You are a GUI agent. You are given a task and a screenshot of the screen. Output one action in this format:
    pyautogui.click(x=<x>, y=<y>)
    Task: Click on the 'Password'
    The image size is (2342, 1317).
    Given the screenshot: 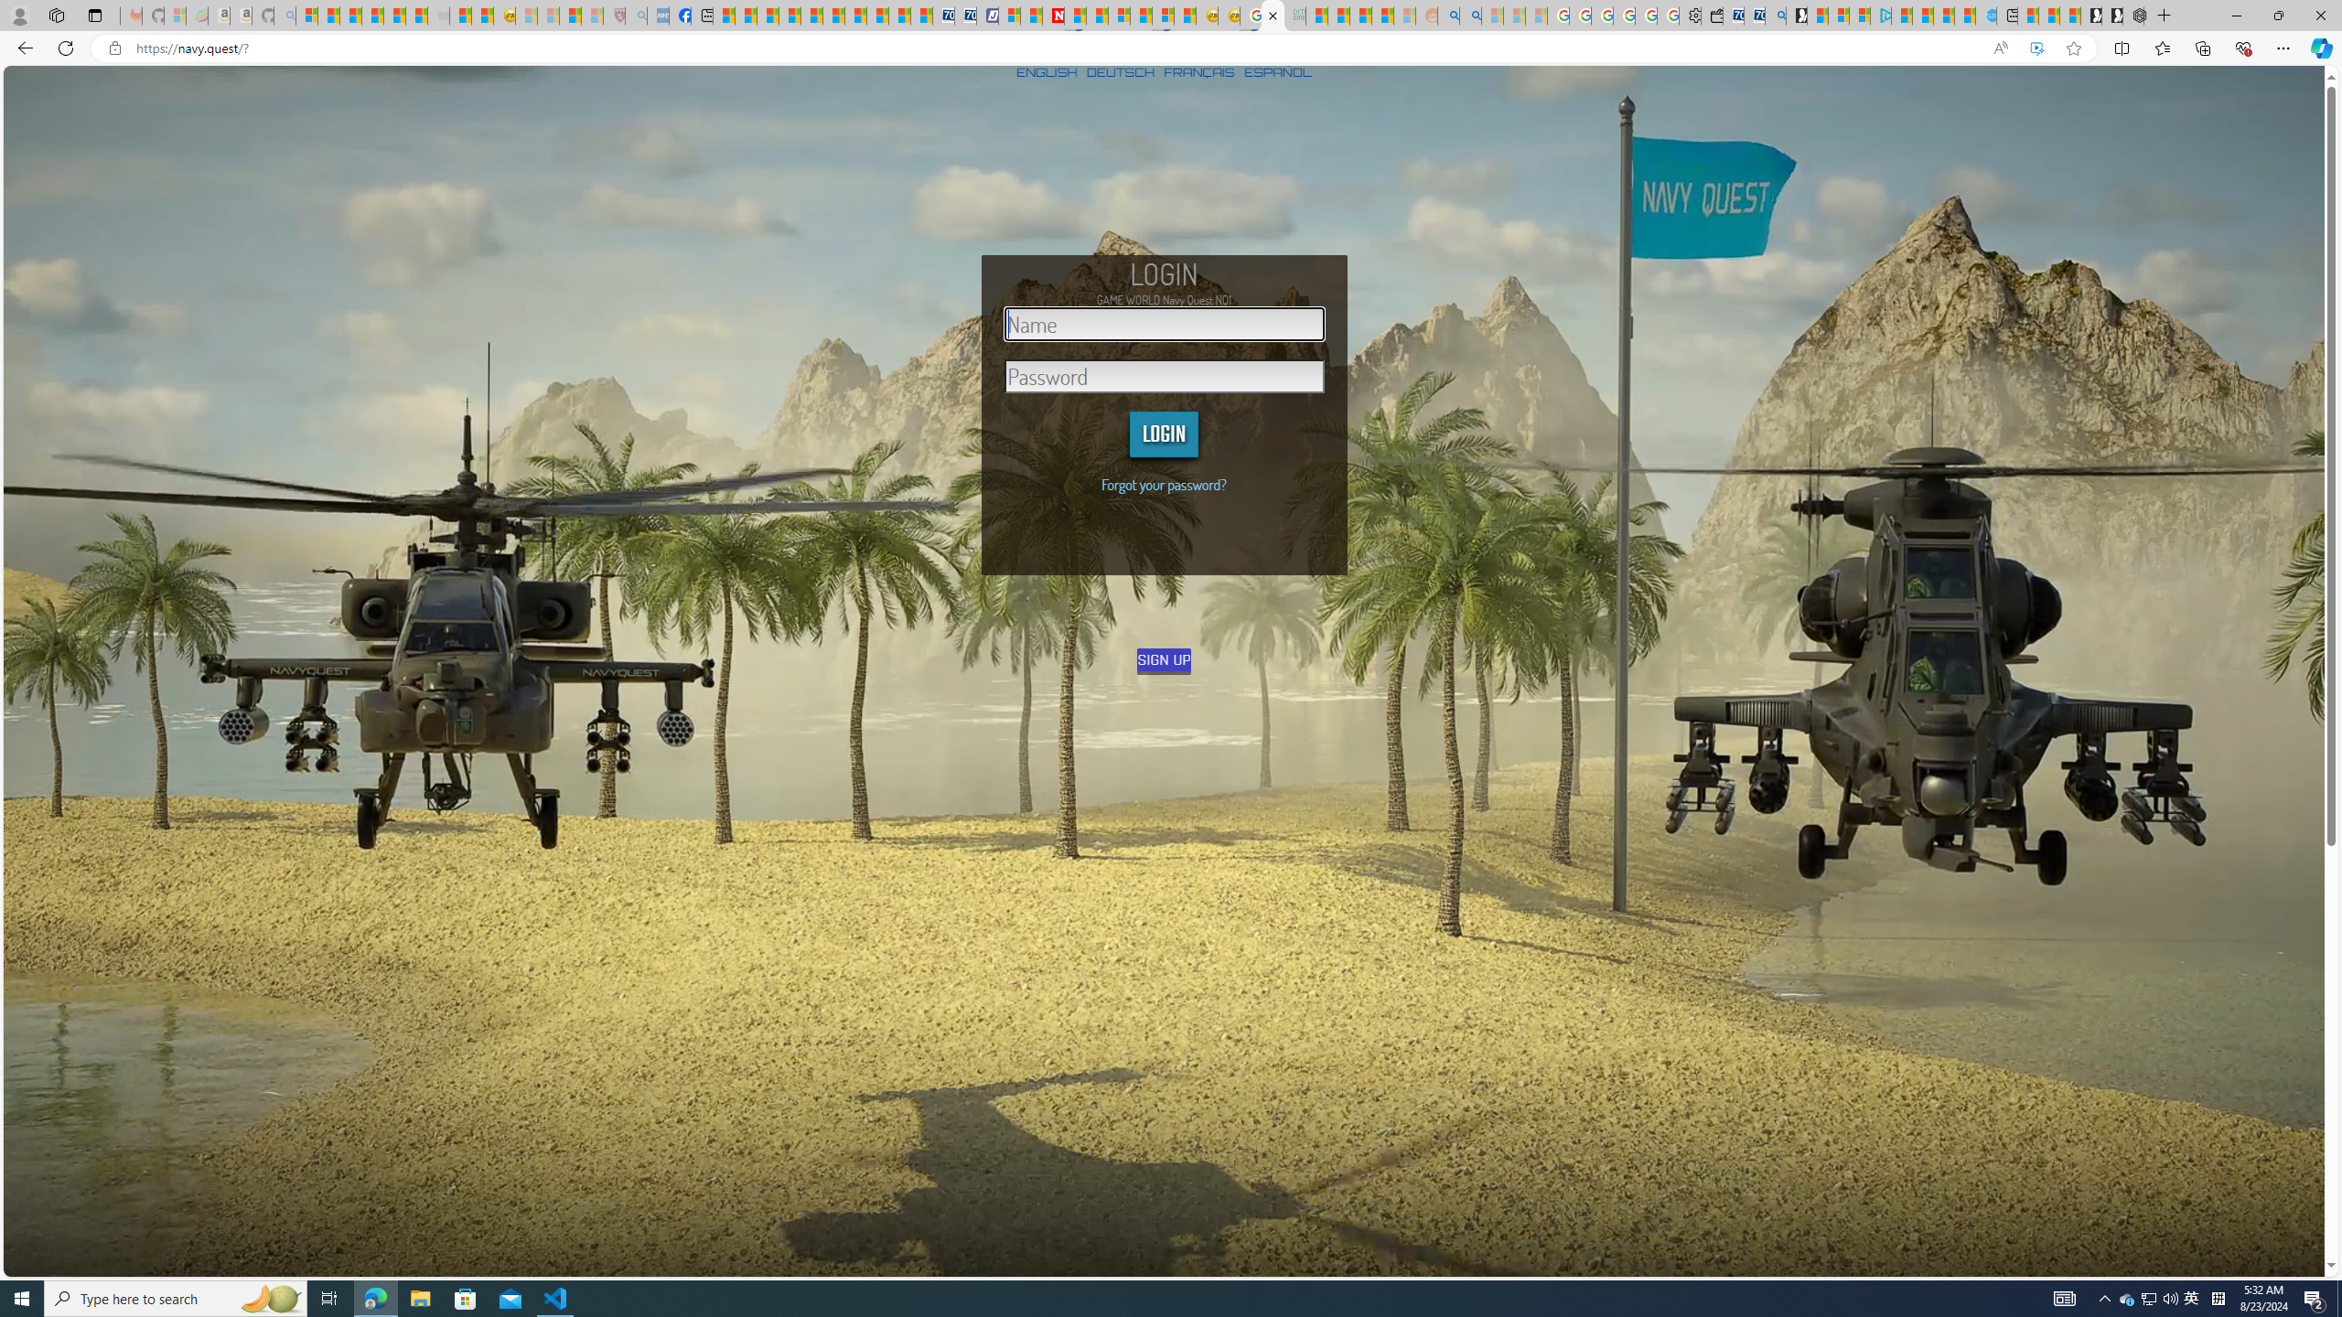 What is the action you would take?
    pyautogui.click(x=1164, y=375)
    